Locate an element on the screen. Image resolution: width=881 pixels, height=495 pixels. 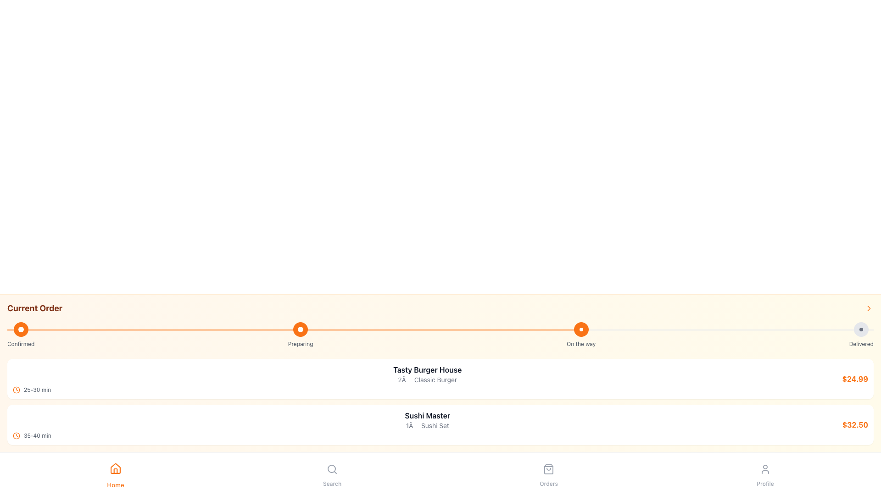
the Circular status indicator representing the 'Delivered' stage within the progress tracker to understand its context is located at coordinates (861, 329).